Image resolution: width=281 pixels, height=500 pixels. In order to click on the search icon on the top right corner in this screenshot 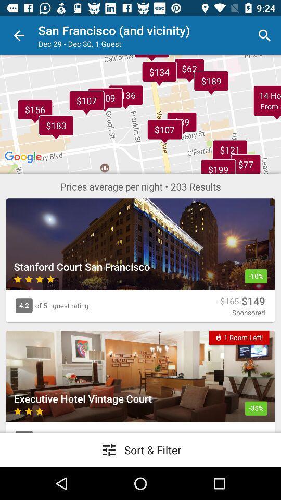, I will do `click(264, 35)`.